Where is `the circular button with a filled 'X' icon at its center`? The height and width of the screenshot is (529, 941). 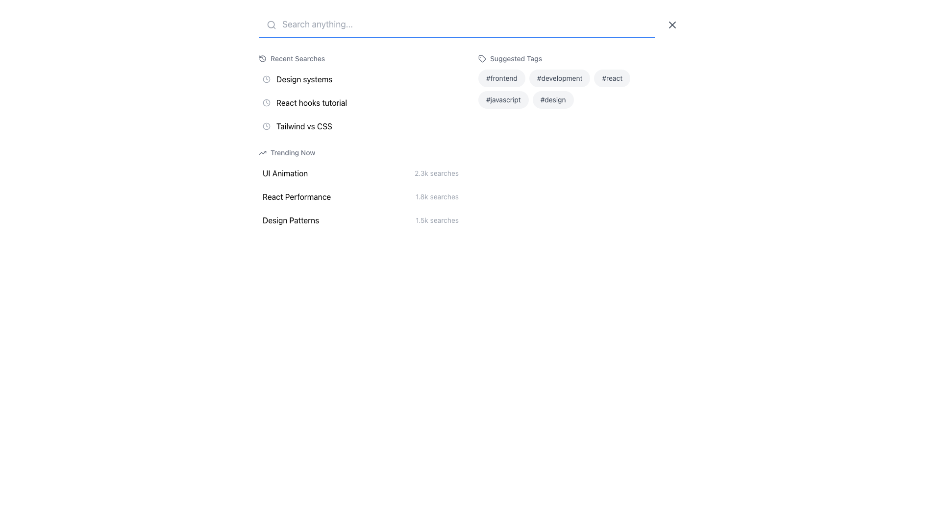
the circular button with a filled 'X' icon at its center is located at coordinates (672, 24).